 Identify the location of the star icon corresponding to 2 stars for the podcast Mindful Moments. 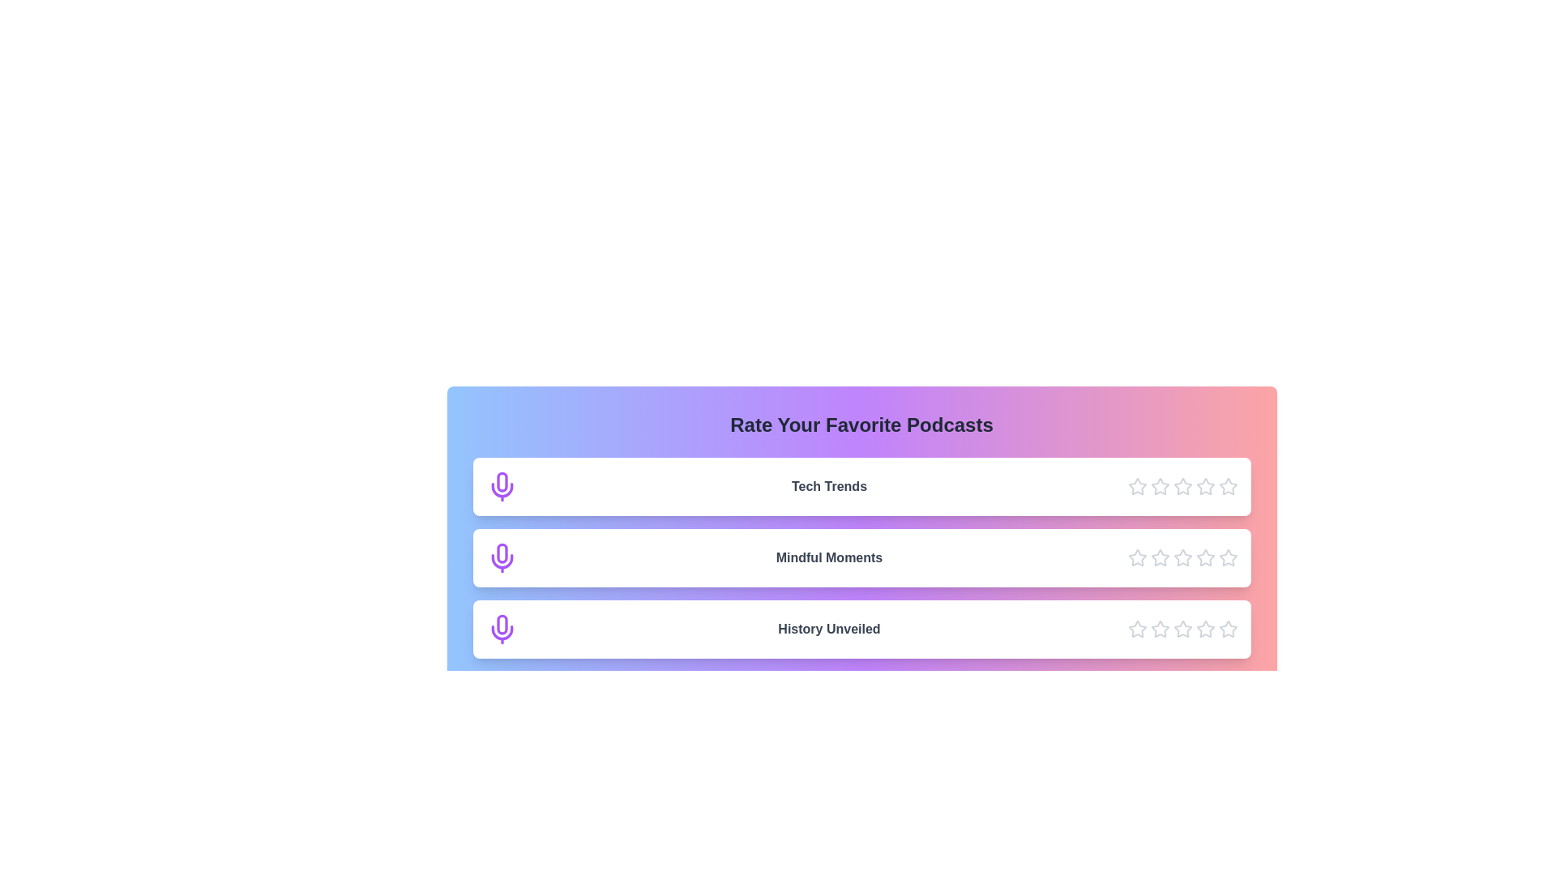
(1159, 557).